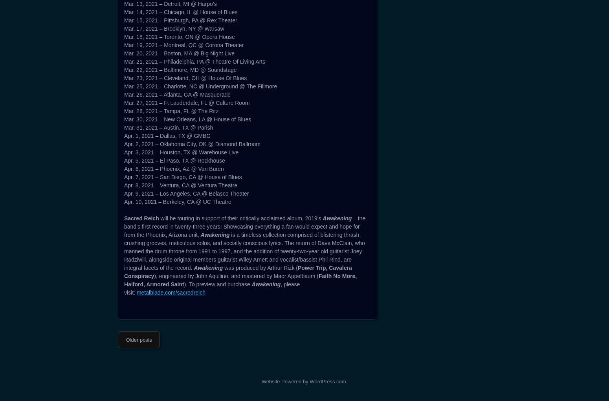 The image size is (609, 401). I want to click on 'SACRED REICH', so click(145, 75).